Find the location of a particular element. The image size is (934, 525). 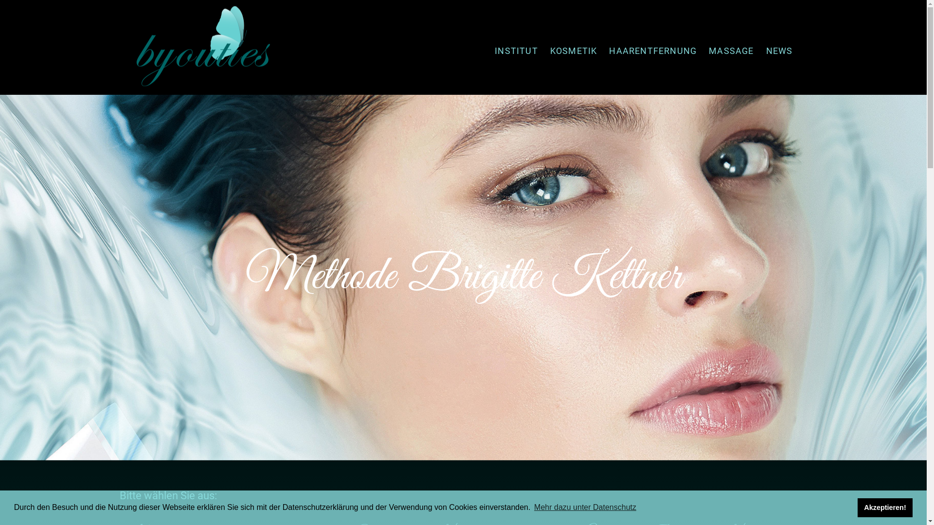

'MASSAGE' is located at coordinates (731, 51).